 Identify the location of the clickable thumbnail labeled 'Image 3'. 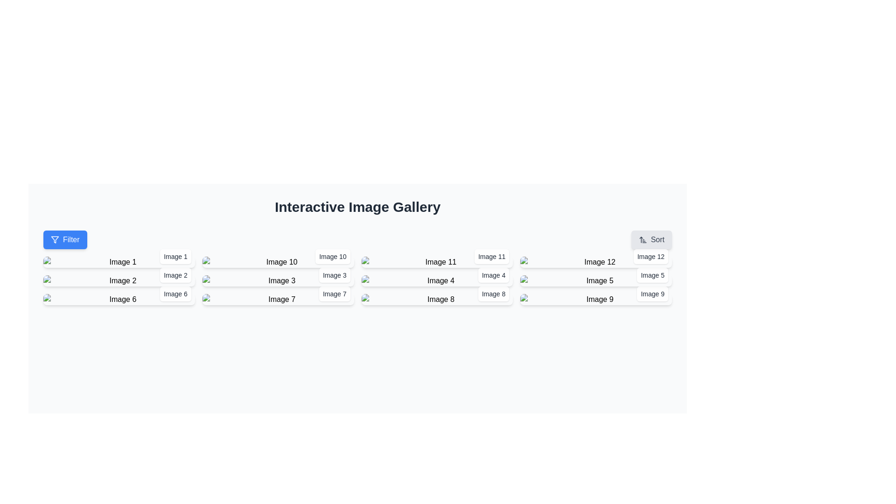
(278, 280).